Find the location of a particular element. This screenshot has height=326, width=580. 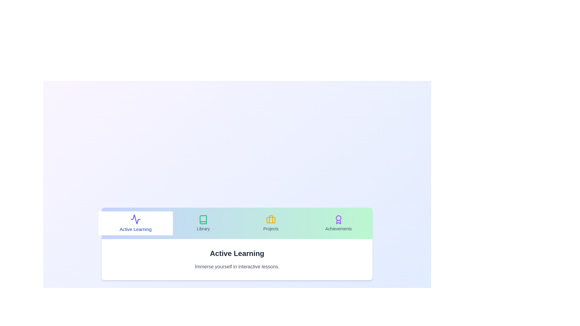

the tab labeled Projects to observe its hover effect is located at coordinates (271, 223).